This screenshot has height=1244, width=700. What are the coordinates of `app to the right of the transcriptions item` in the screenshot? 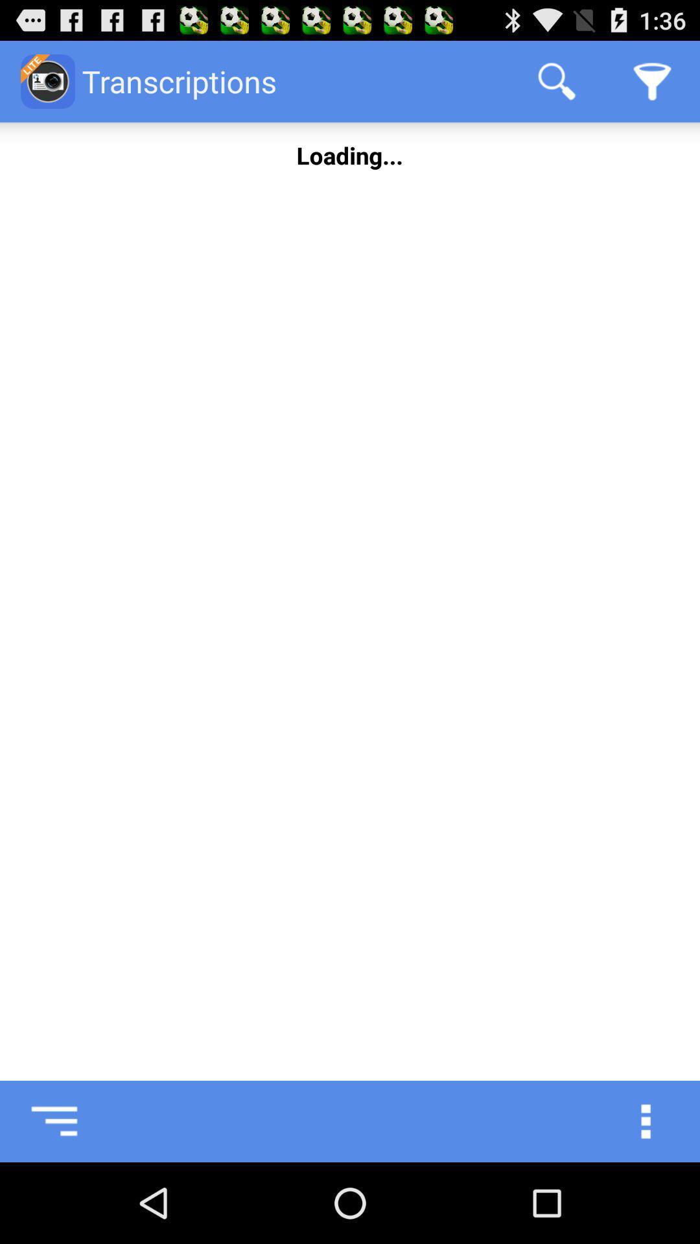 It's located at (556, 80).